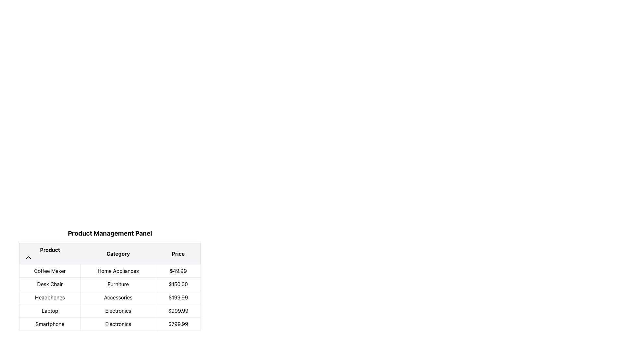 The image size is (623, 350). I want to click on the text label displaying 'Coffee Maker' in bold black font, located in the first column of the product information table, so click(49, 271).